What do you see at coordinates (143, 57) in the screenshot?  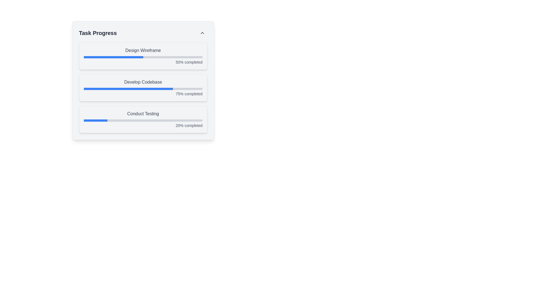 I see `the static progress bar that represents 50% completion of the 'Design Wireframe' task, which is the first element in the vertical stack under the 'Design Wireframe' label` at bounding box center [143, 57].